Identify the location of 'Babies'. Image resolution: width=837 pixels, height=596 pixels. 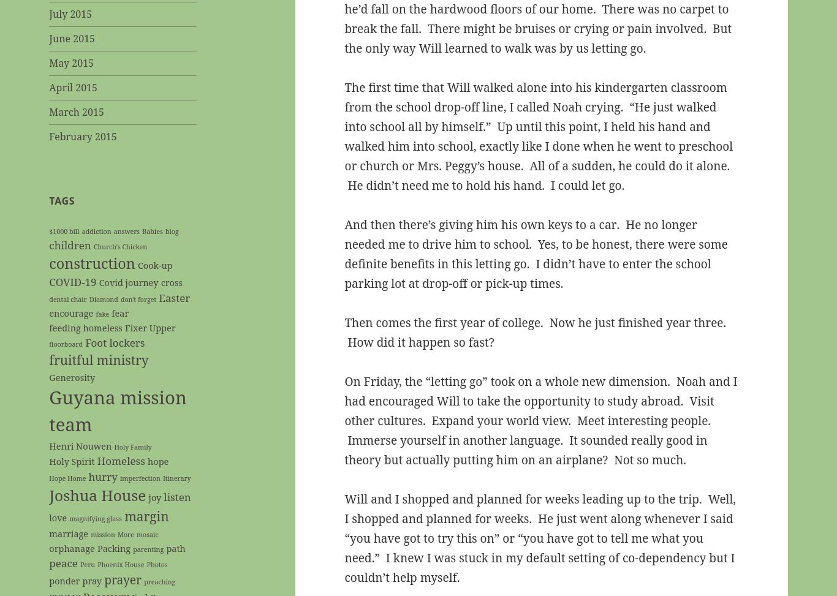
(152, 230).